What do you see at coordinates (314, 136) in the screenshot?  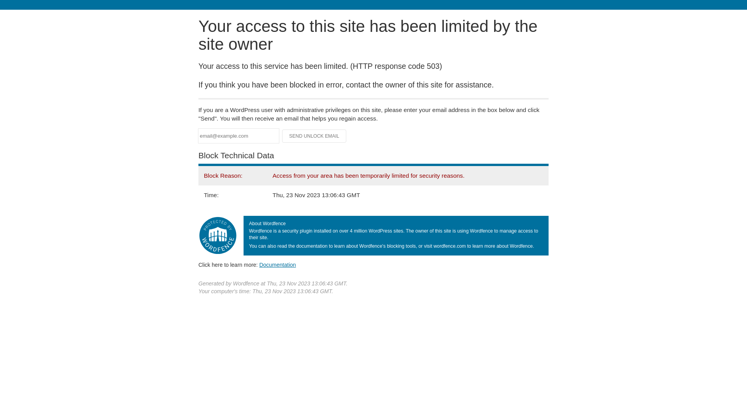 I see `'Send Unlock Email'` at bounding box center [314, 136].